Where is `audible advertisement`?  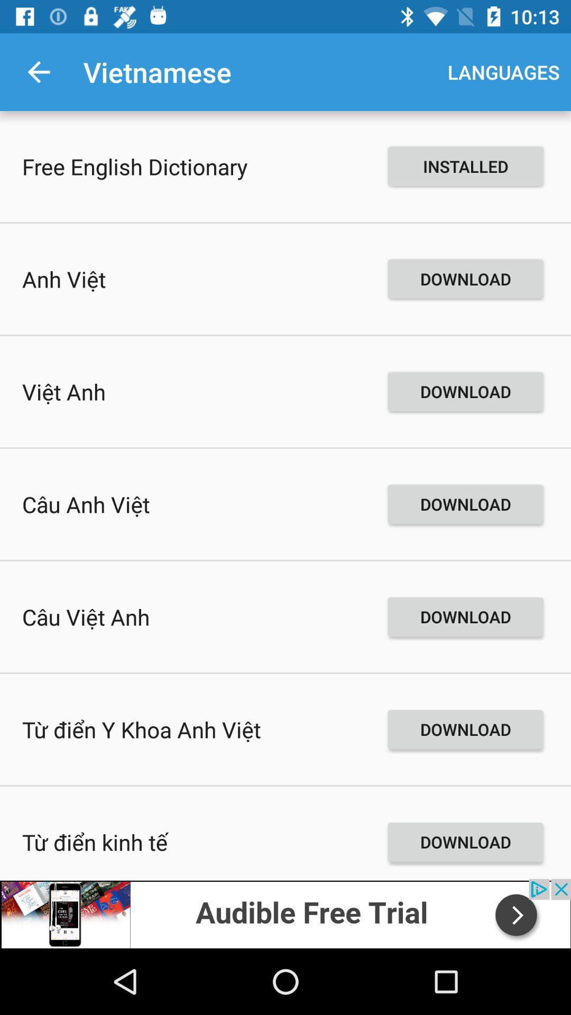
audible advertisement is located at coordinates (285, 913).